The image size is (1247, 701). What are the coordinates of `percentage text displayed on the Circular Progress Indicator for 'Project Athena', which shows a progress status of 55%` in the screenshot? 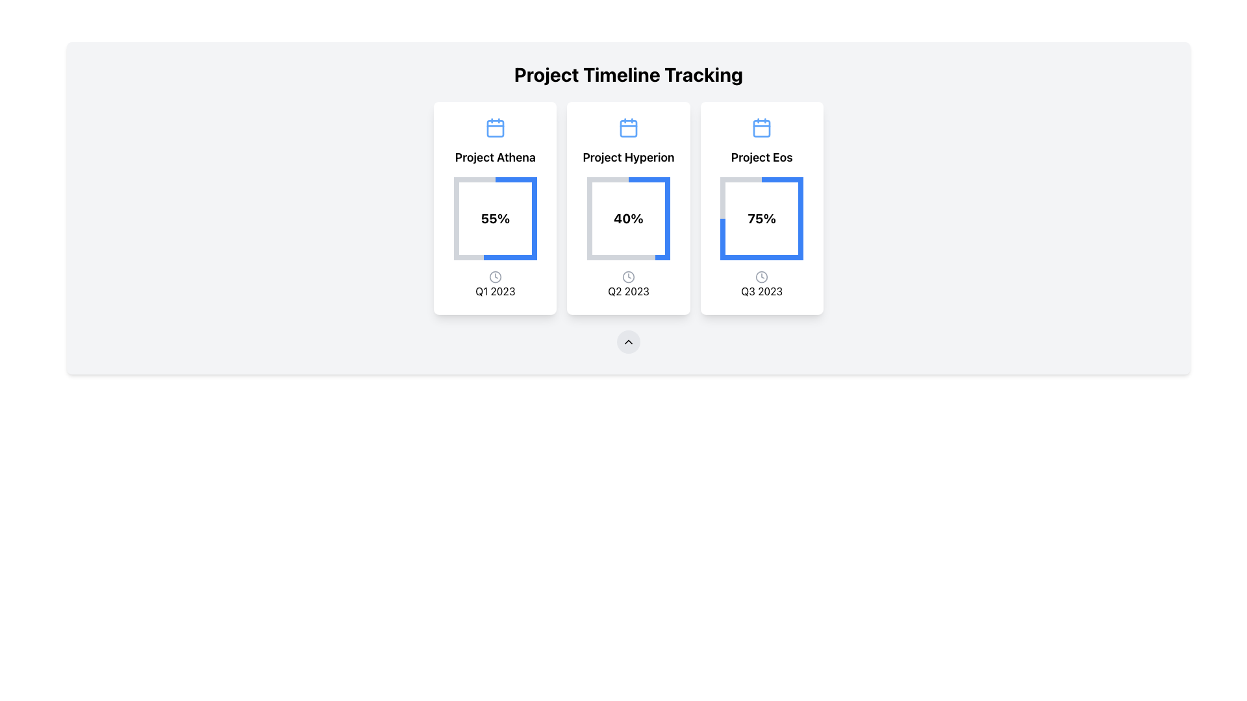 It's located at (494, 217).